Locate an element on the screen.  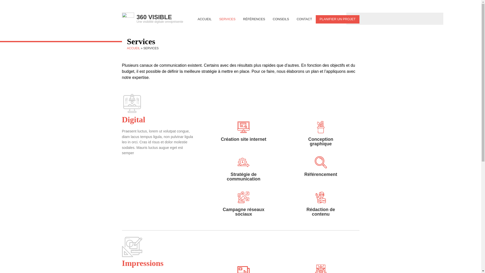
'360 VISIBLE' is located at coordinates (154, 17).